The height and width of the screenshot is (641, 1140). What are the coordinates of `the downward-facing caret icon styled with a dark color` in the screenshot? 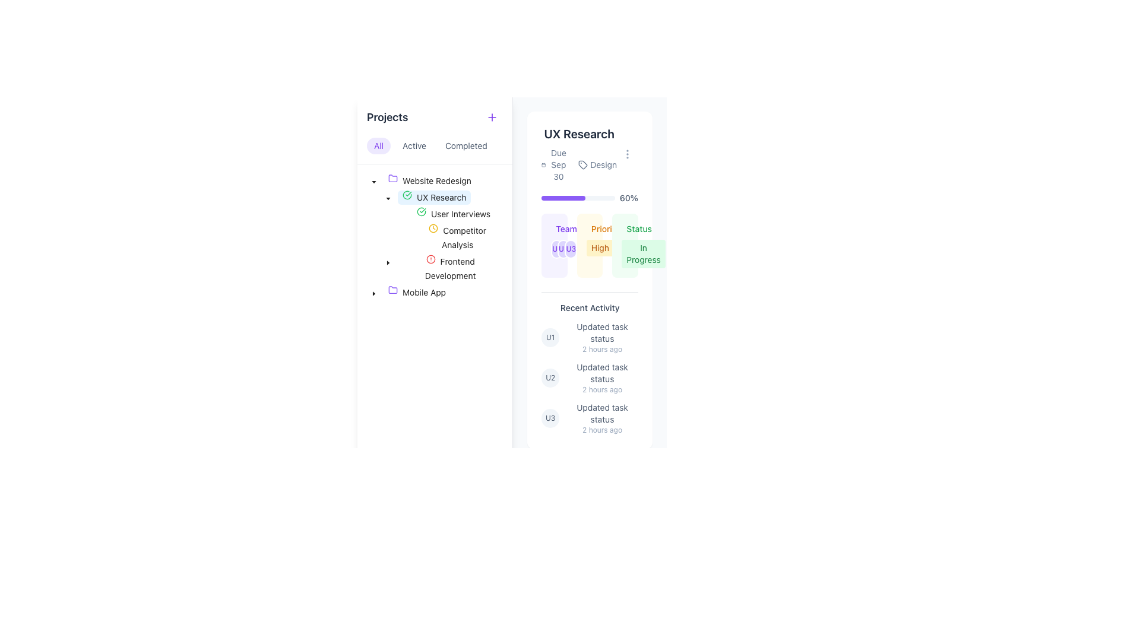 It's located at (373, 182).